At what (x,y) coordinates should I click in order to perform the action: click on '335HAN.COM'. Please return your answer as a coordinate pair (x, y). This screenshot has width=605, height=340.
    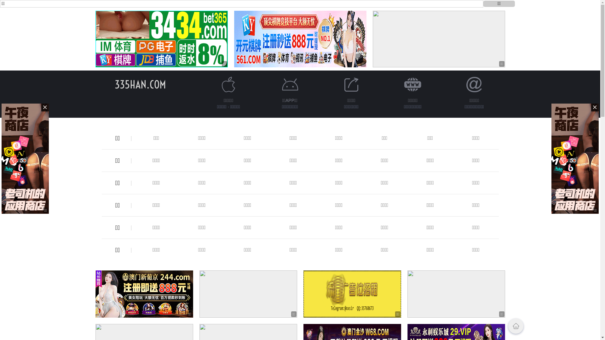
    Looking at the image, I should click on (140, 84).